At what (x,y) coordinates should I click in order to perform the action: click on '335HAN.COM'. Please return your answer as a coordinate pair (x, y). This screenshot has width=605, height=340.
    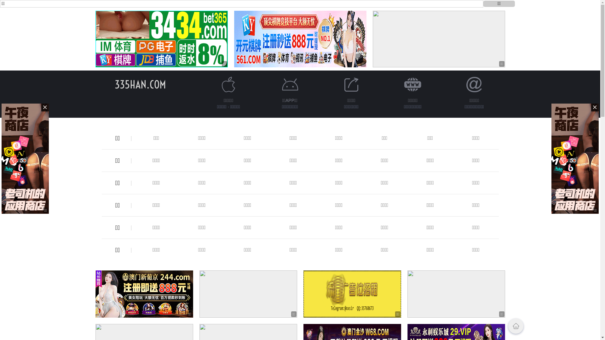
    Looking at the image, I should click on (140, 84).